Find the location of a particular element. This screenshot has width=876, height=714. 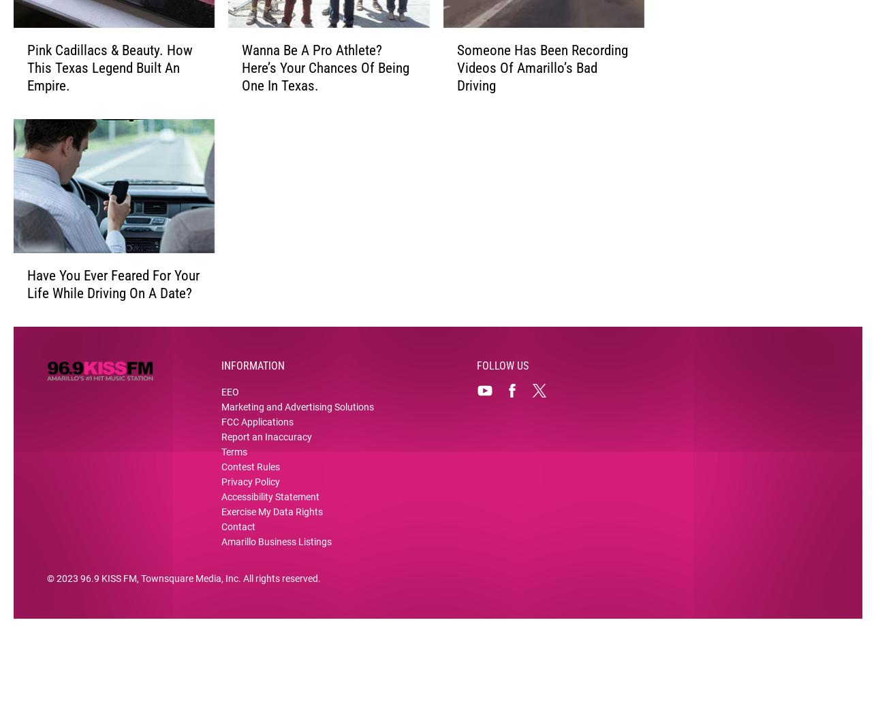

'FCC Applications' is located at coordinates (256, 442).